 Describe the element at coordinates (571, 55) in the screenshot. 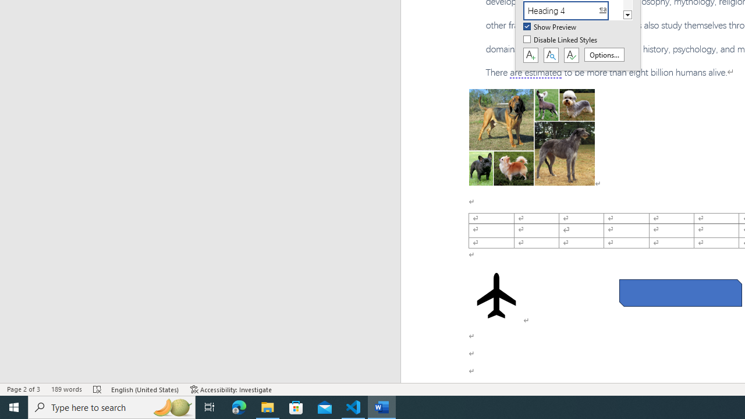

I see `'Class: NetUIButton'` at that location.